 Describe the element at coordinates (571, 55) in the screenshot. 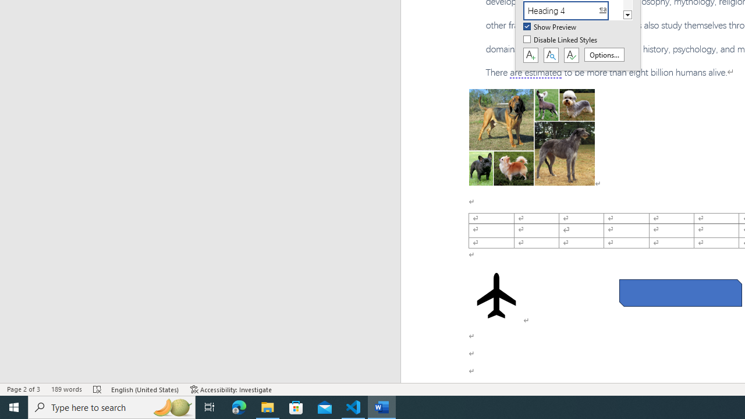

I see `'Class: NetUIButton'` at that location.